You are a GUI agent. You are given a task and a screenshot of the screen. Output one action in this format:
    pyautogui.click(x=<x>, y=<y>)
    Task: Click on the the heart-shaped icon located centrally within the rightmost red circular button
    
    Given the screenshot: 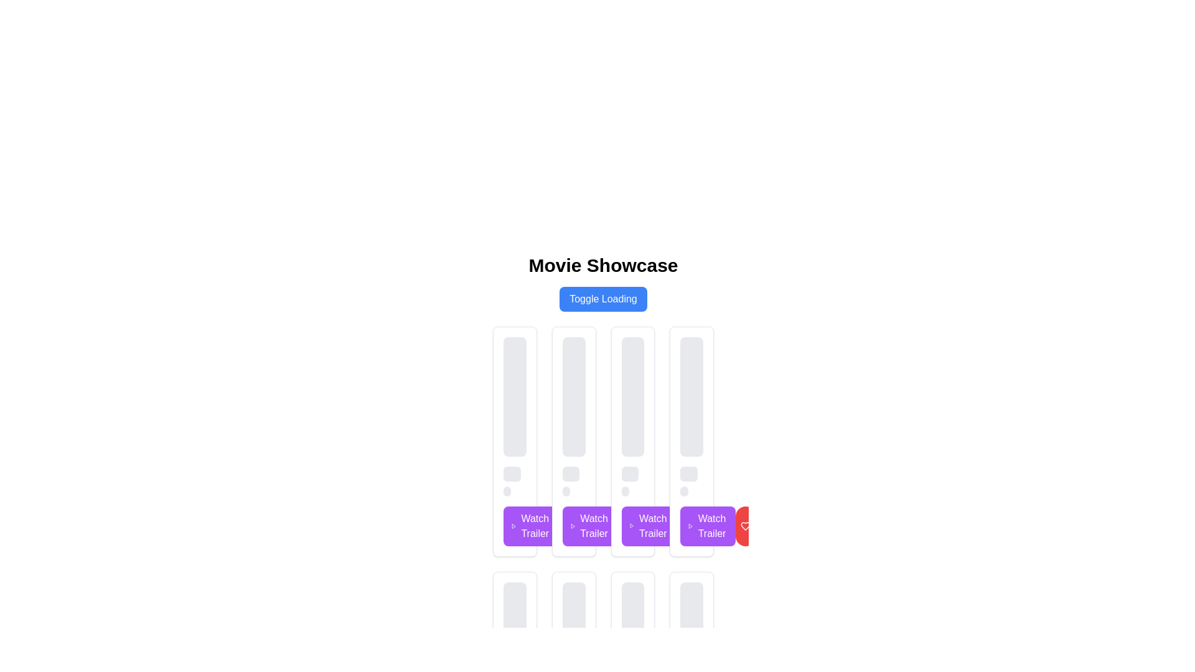 What is the action you would take?
    pyautogui.click(x=746, y=526)
    